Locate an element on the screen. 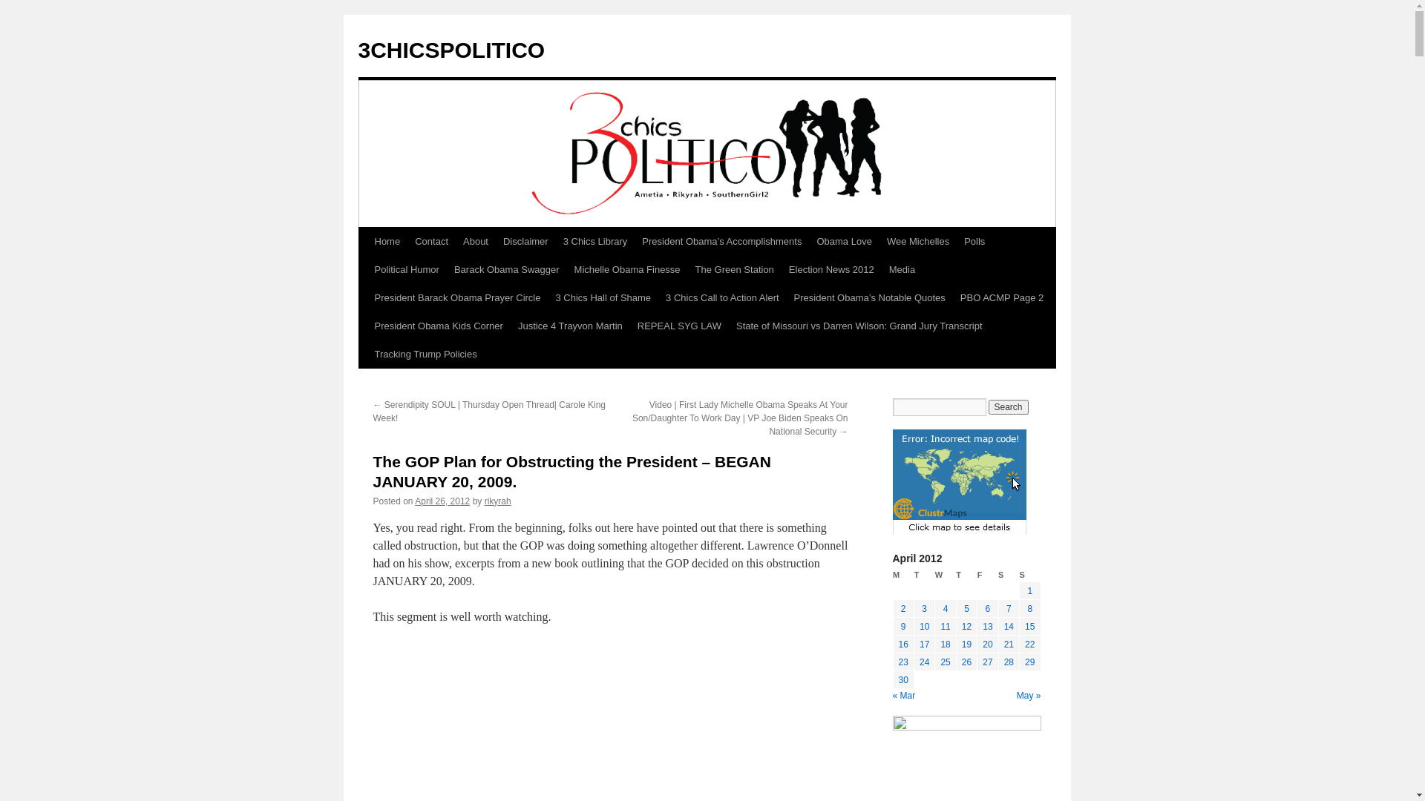  'Contact' is located at coordinates (430, 241).